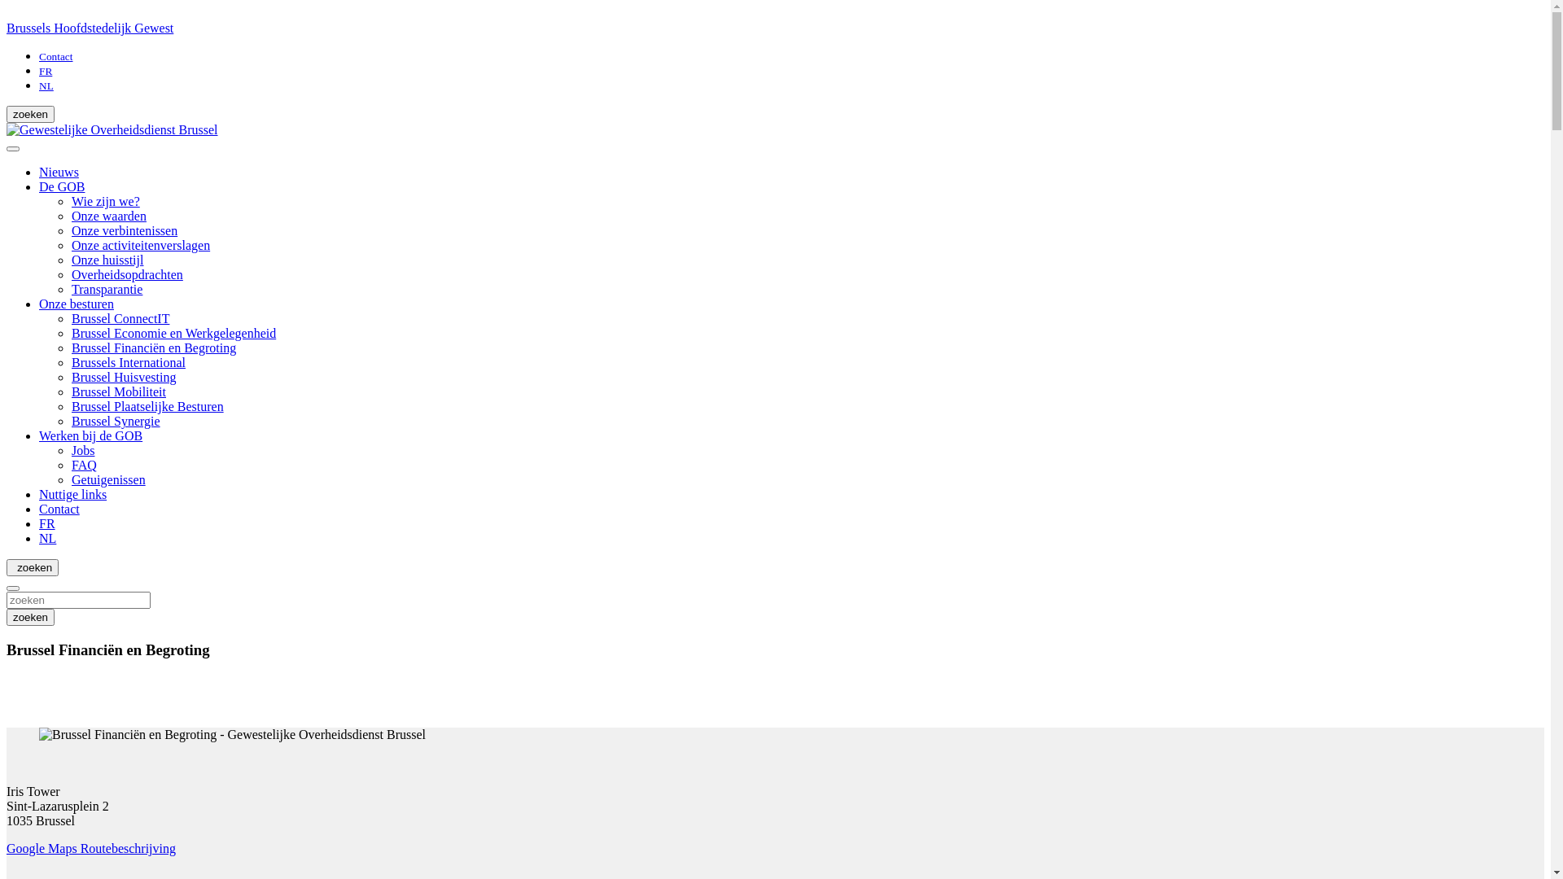 Image resolution: width=1563 pixels, height=879 pixels. Describe the element at coordinates (62, 186) in the screenshot. I see `'De GOB'` at that location.